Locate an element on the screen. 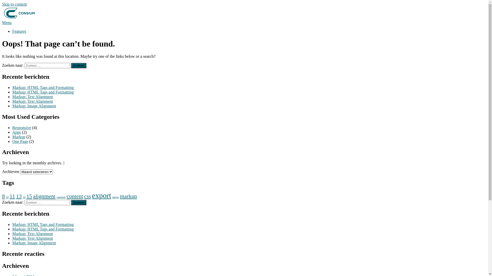  'image' is located at coordinates (115, 197).